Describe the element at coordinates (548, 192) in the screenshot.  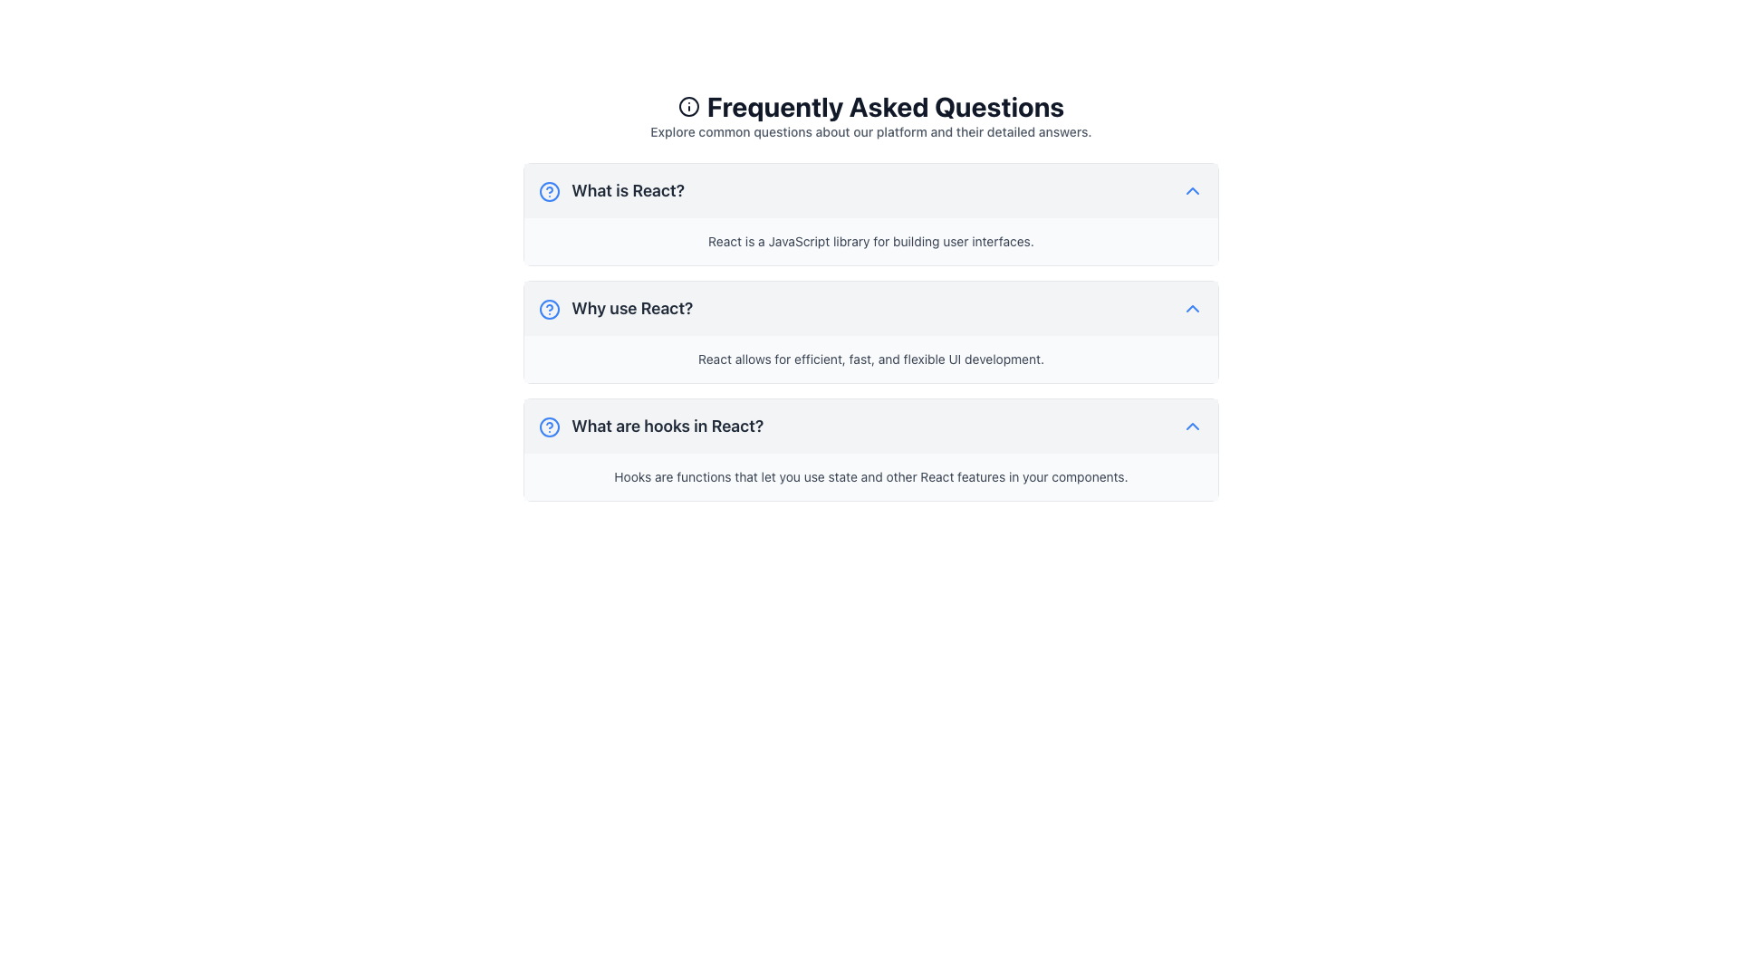
I see `the help icon located at the start of the FAQ entry titled 'What is React?' which provides additional context upon interaction` at that location.